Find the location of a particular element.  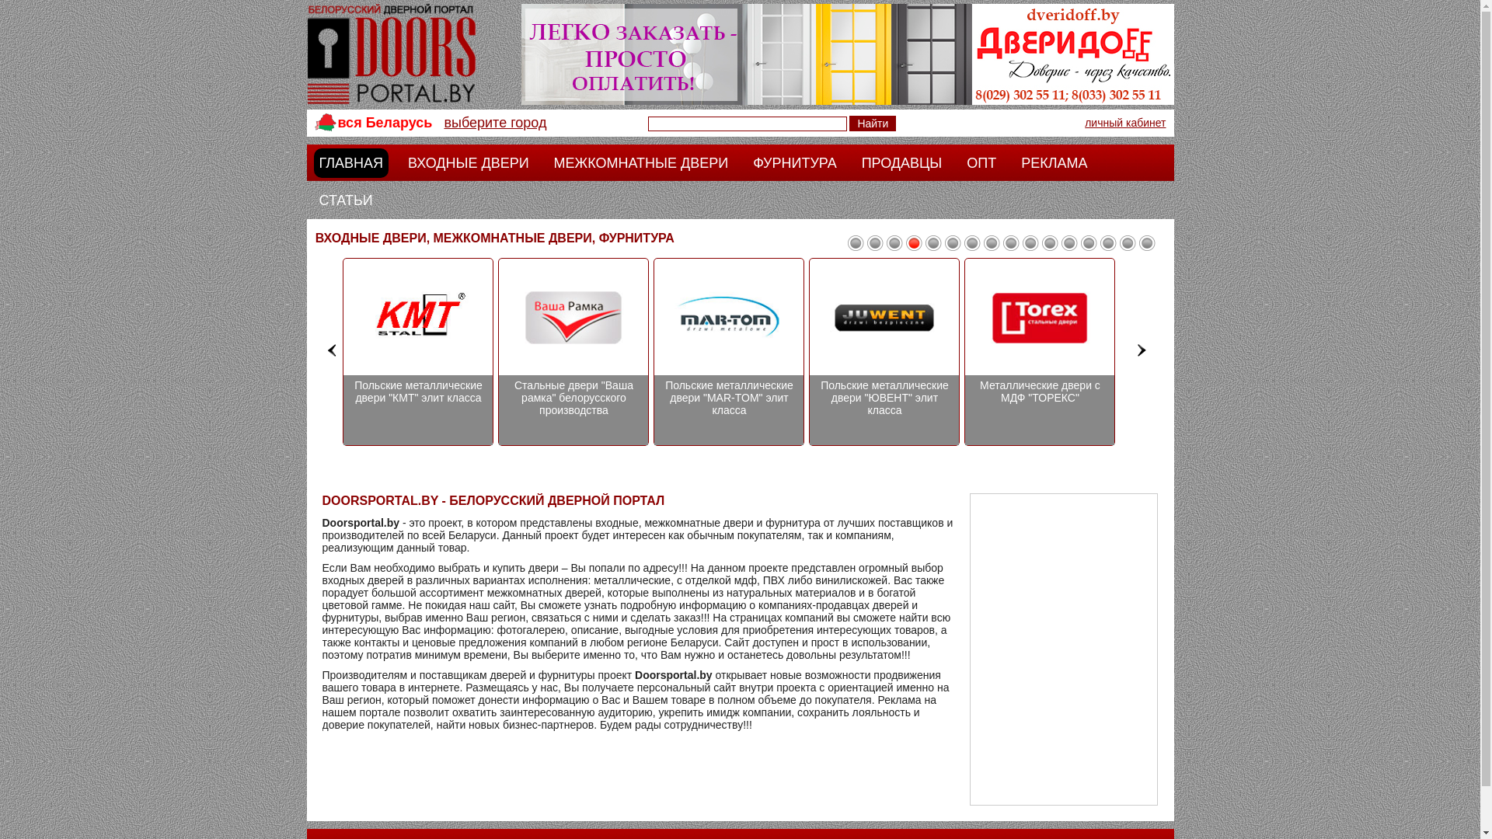

'<' is located at coordinates (331, 350).